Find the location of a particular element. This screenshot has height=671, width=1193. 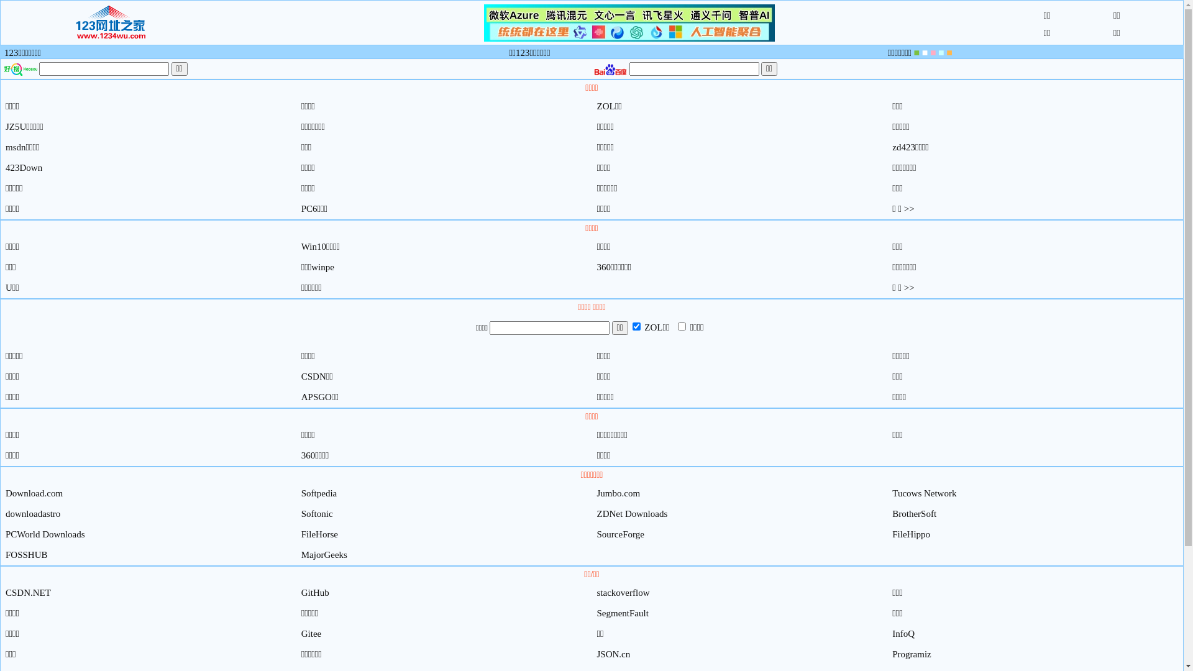

'ZDNet Downloads' is located at coordinates (632, 513).